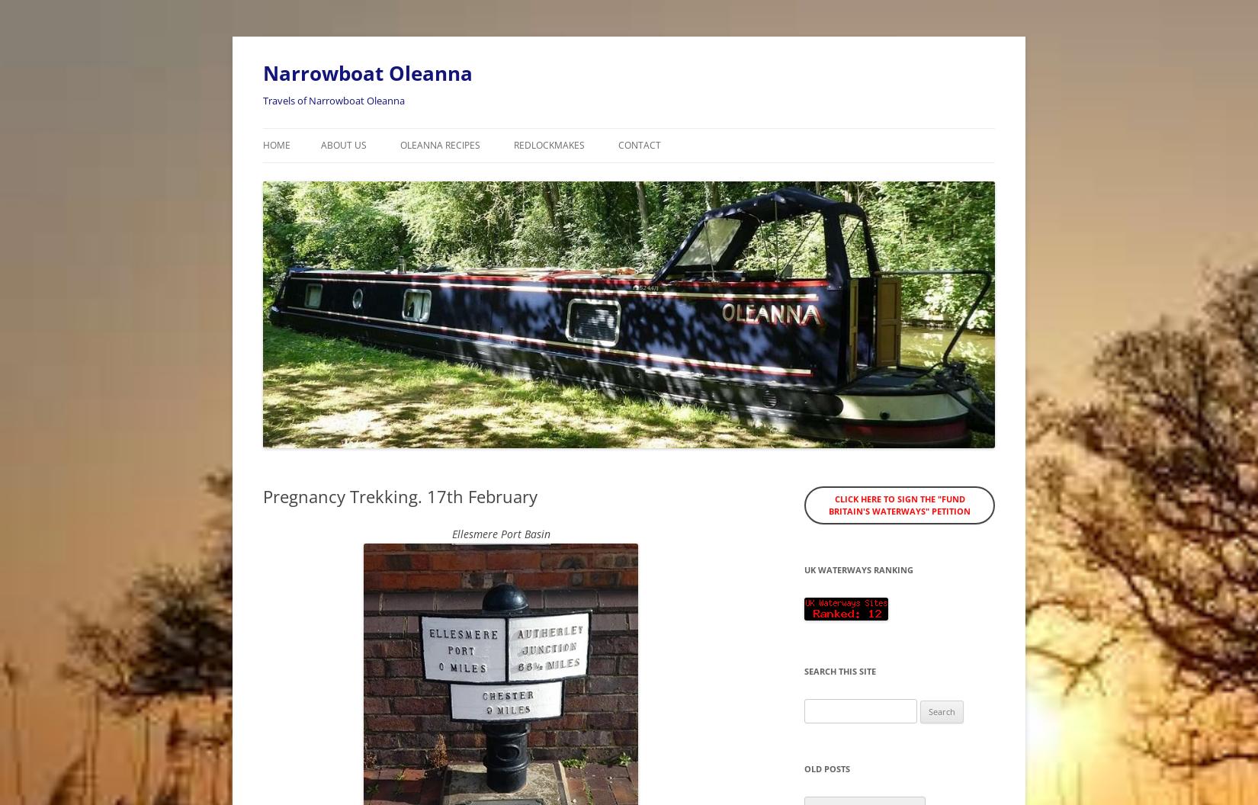  What do you see at coordinates (617, 145) in the screenshot?
I see `'Contact'` at bounding box center [617, 145].